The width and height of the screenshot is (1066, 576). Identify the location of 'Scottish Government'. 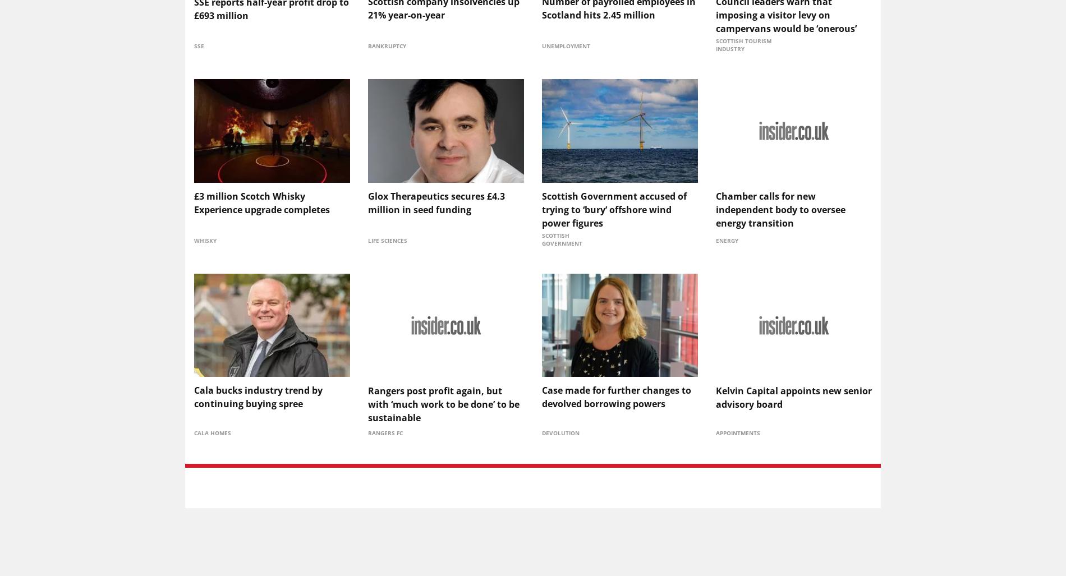
(562, 238).